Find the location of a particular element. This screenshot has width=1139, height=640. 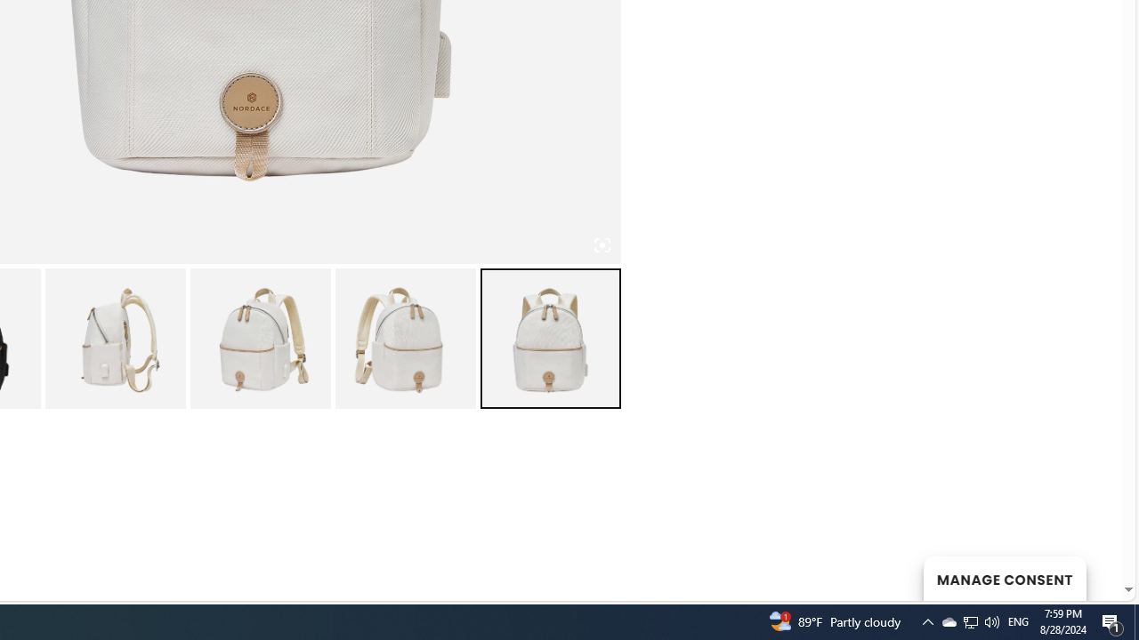

'MANAGE CONSENT' is located at coordinates (1004, 578).